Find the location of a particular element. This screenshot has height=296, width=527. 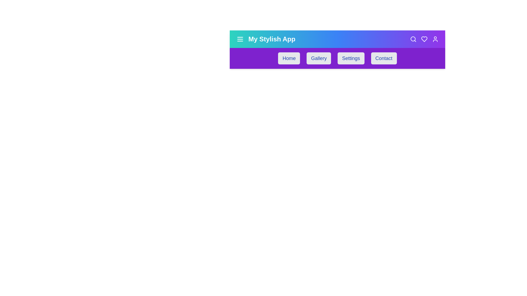

the navigation link Contact from the menu is located at coordinates (383, 58).